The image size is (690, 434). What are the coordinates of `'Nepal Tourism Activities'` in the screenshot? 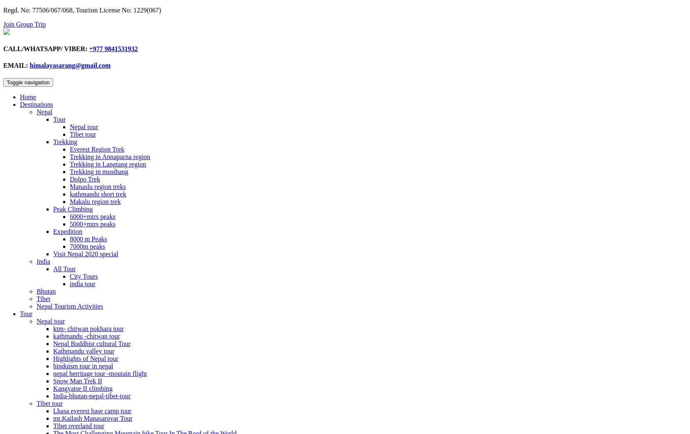 It's located at (69, 305).